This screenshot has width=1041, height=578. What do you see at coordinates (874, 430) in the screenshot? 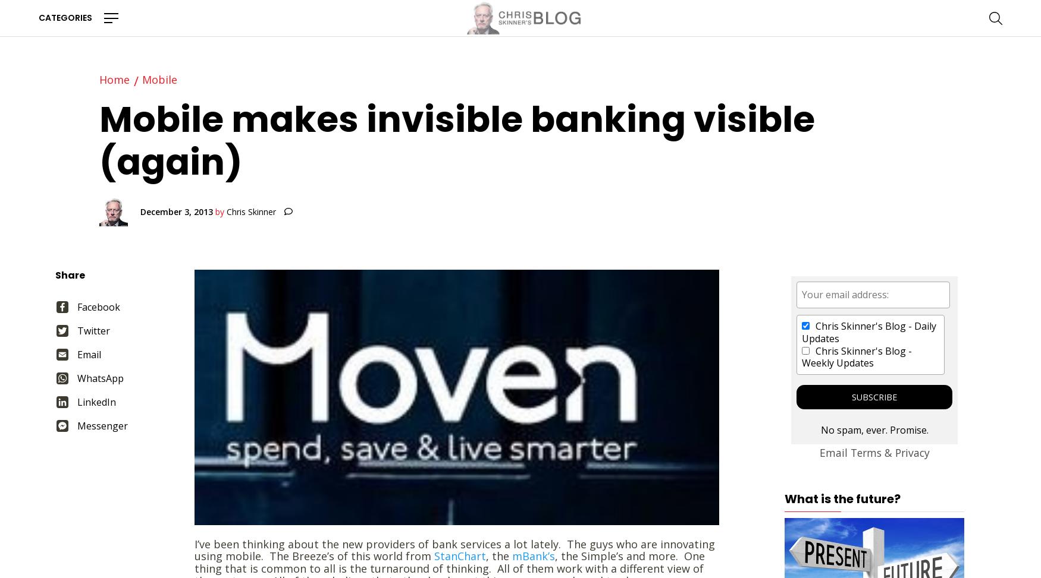
I see `'No spam, ever. Promise.'` at bounding box center [874, 430].